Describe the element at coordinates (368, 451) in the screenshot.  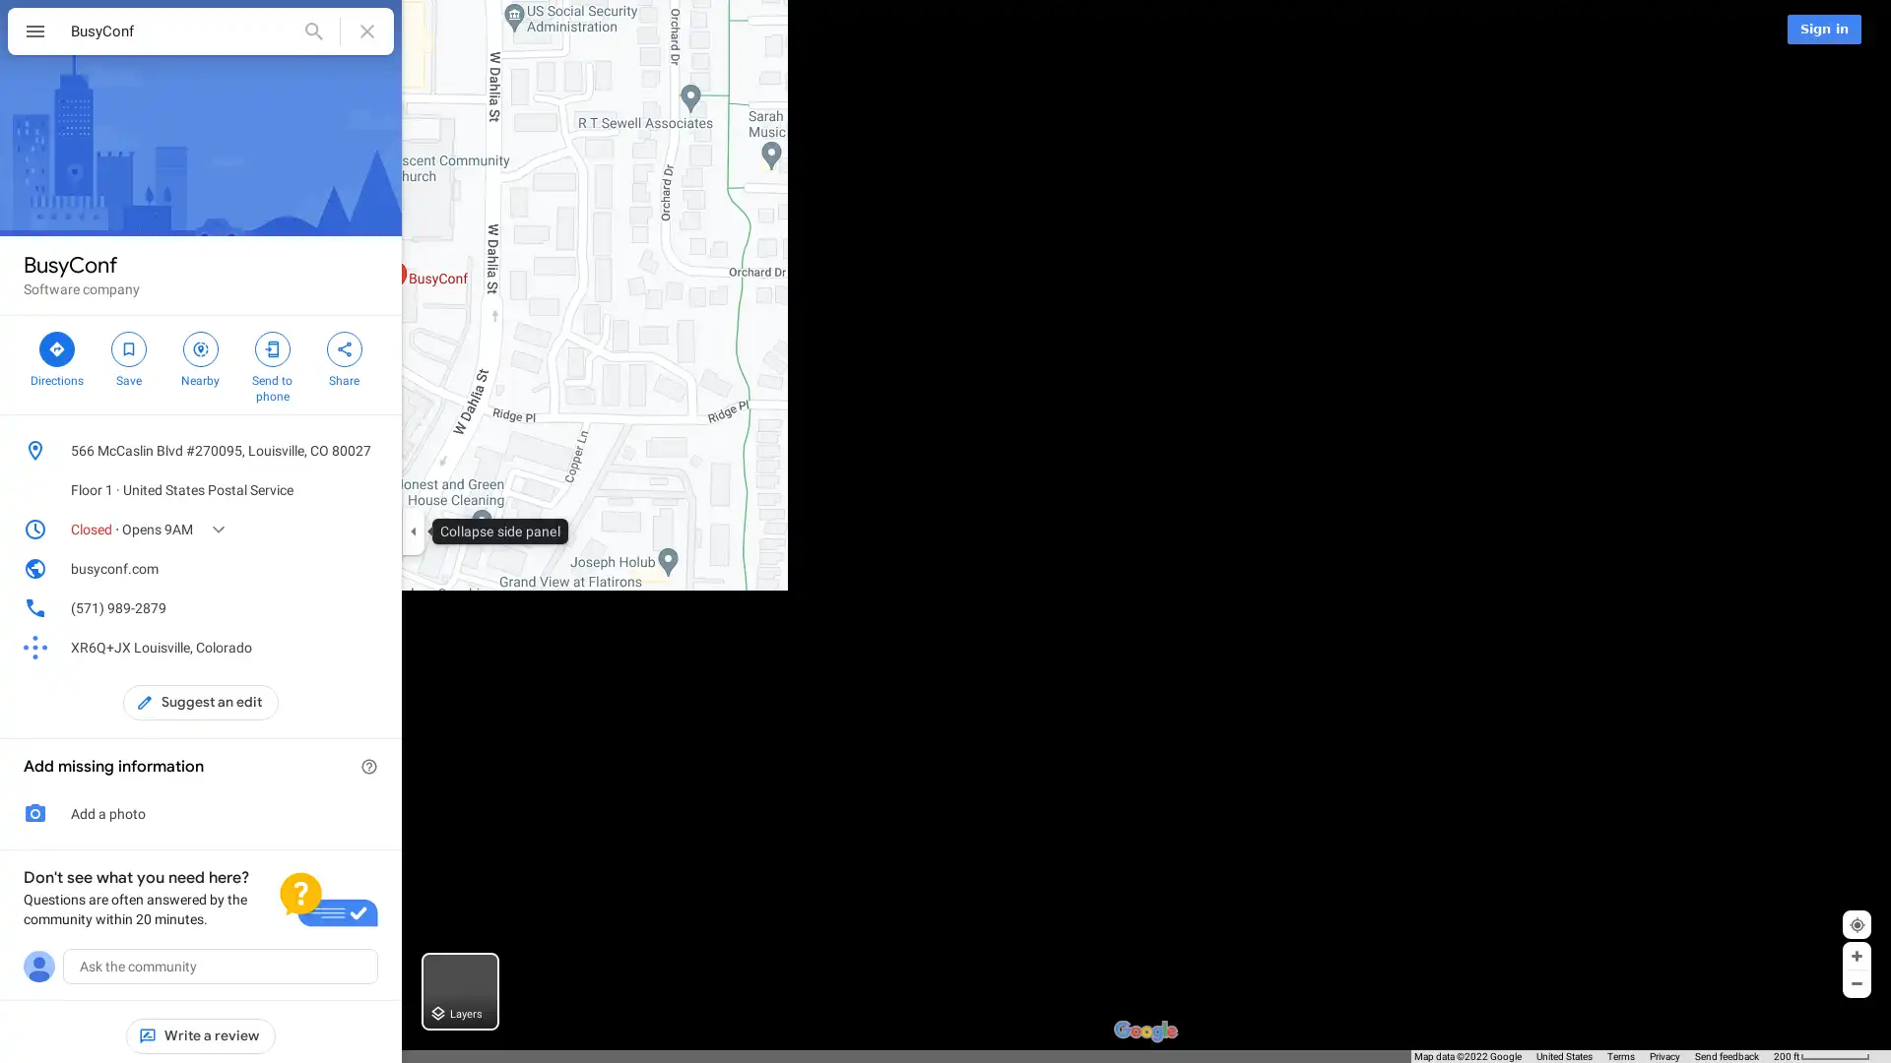
I see `Copy address` at that location.